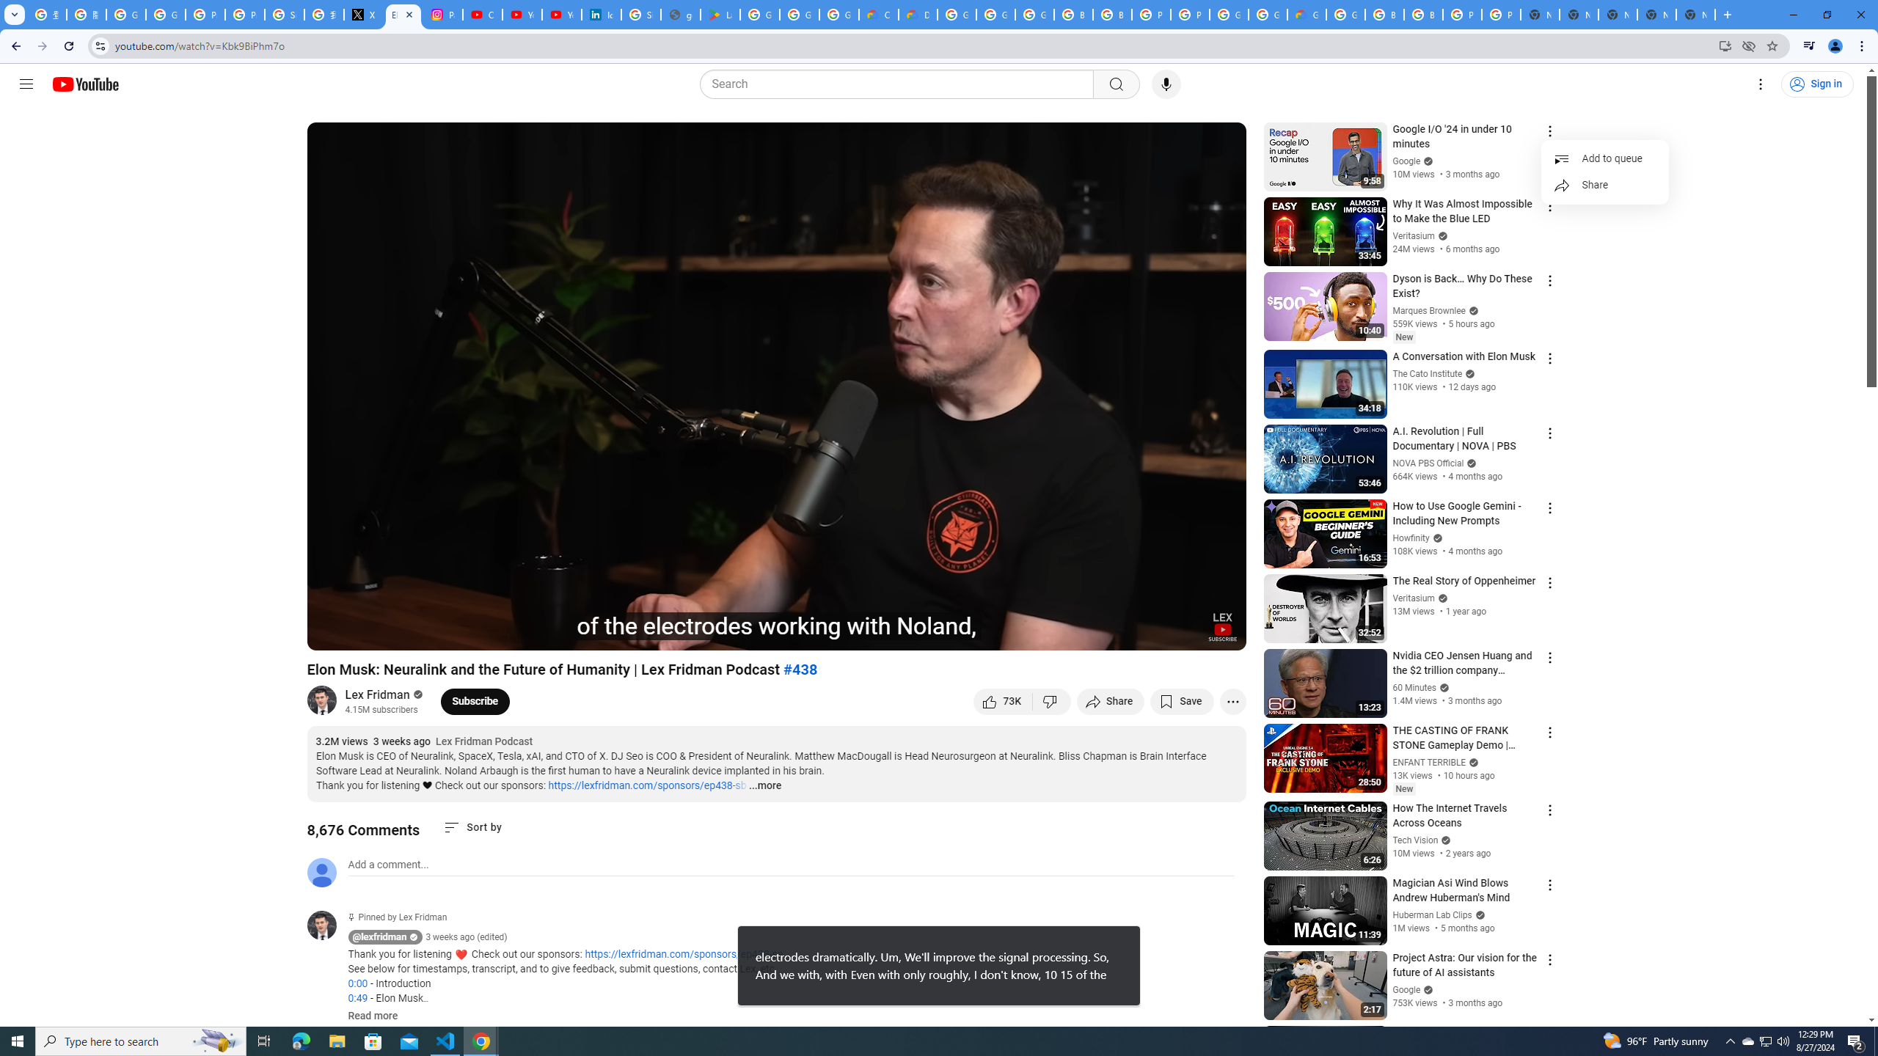 This screenshot has width=1878, height=1056. What do you see at coordinates (1604, 185) in the screenshot?
I see `'Share'` at bounding box center [1604, 185].